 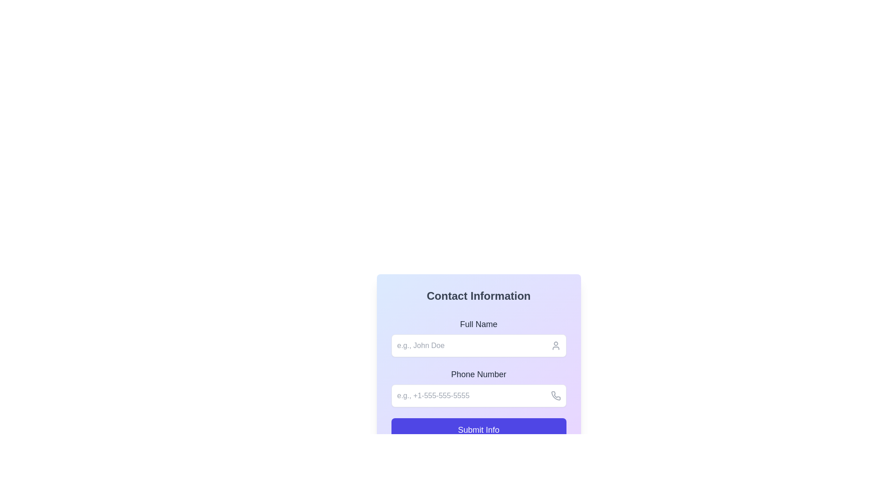 I want to click on the submission button located at the bottom of the 'Contact Information' form to trigger hover effects, so click(x=478, y=430).